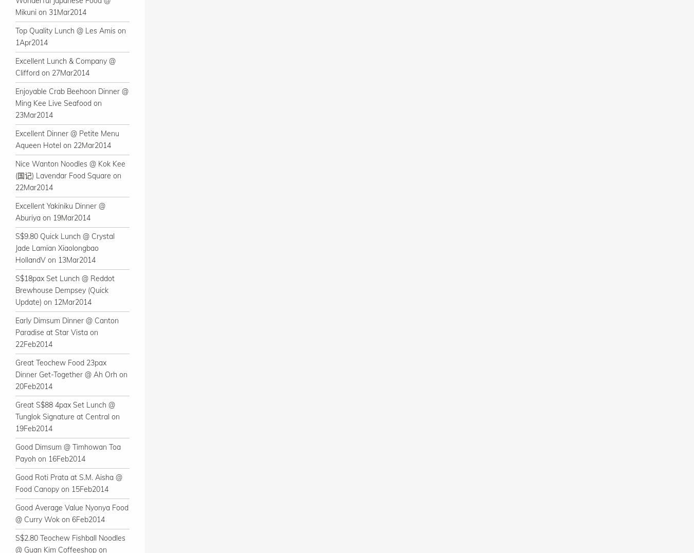  What do you see at coordinates (69, 483) in the screenshot?
I see `'Good Roti Prata at S.M. Aisha @ Food Canopy on 15Feb2014'` at bounding box center [69, 483].